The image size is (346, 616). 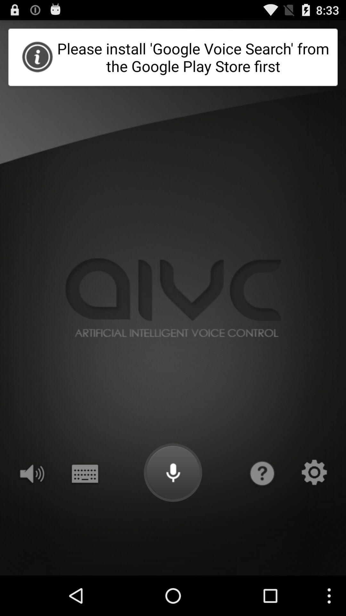 What do you see at coordinates (31, 505) in the screenshot?
I see `the volume icon` at bounding box center [31, 505].